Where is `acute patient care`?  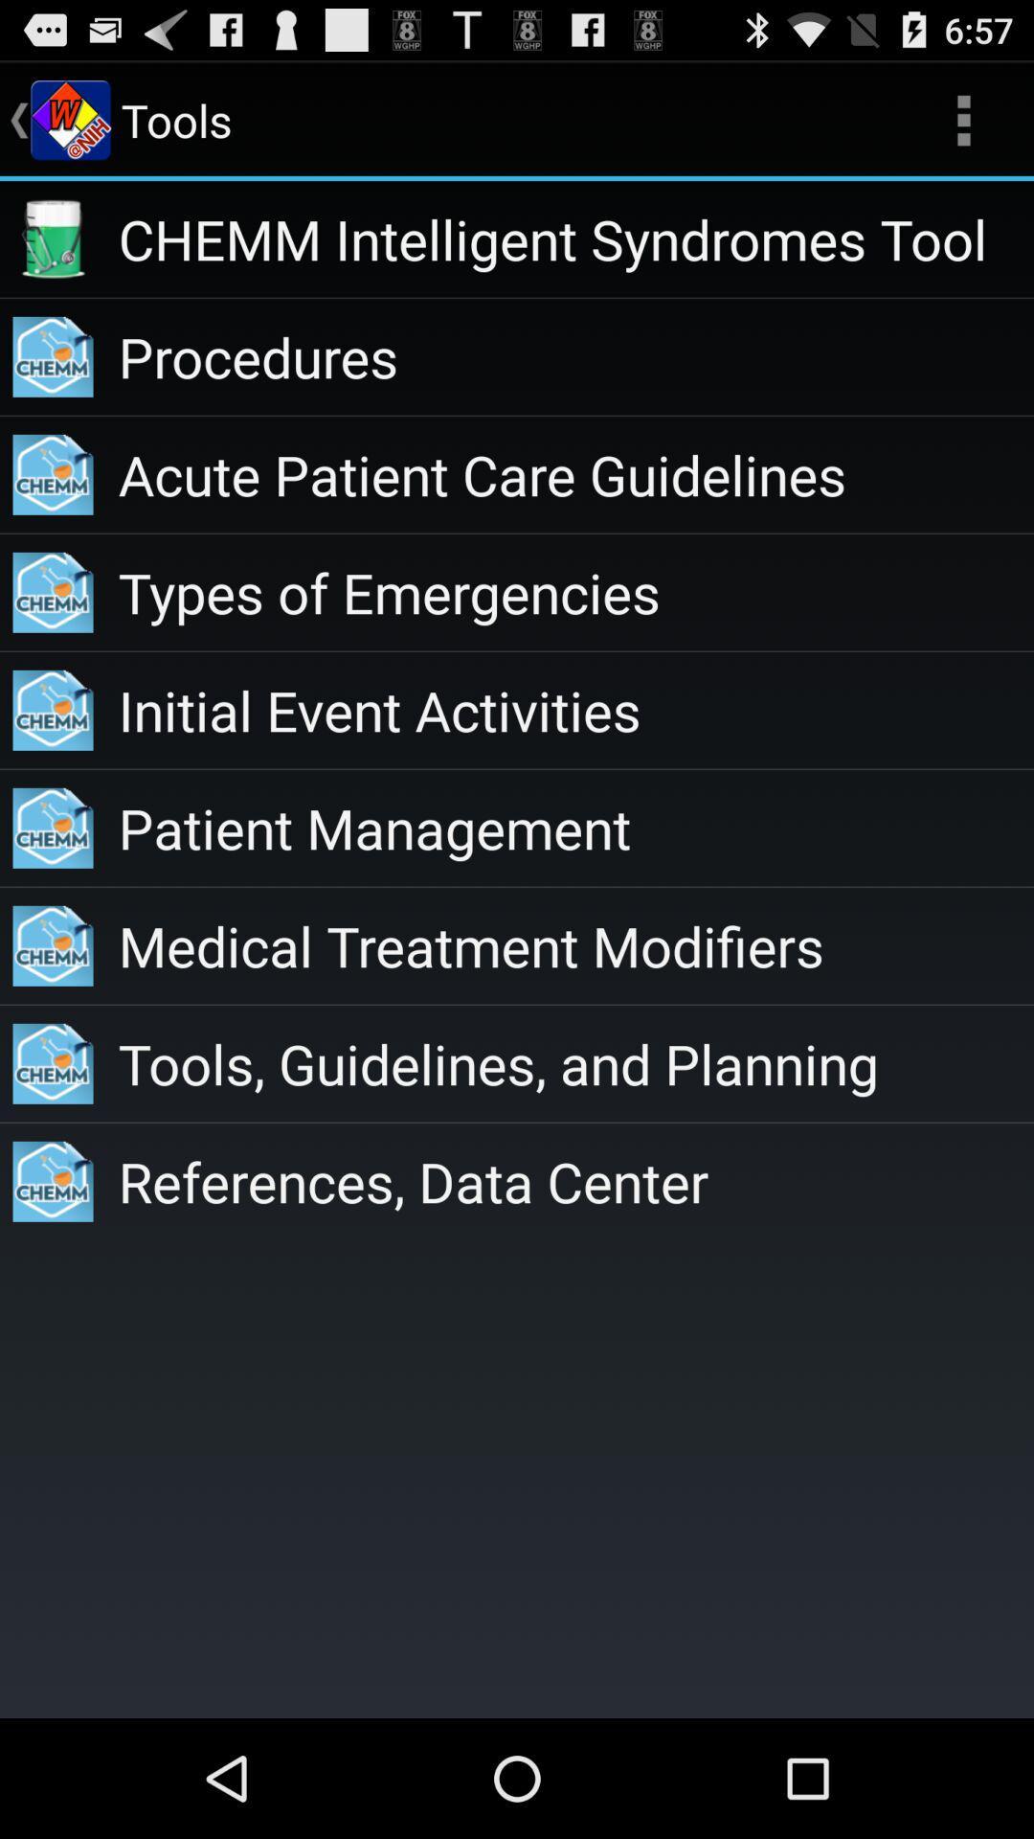
acute patient care is located at coordinates (574, 474).